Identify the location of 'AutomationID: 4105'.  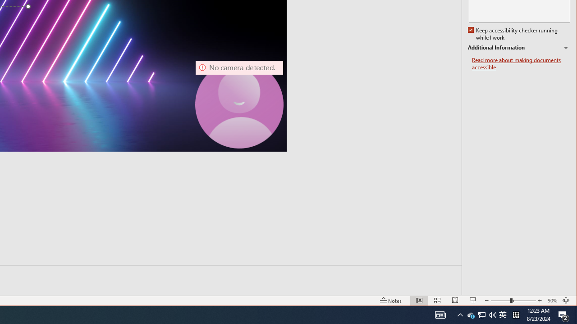
(440, 314).